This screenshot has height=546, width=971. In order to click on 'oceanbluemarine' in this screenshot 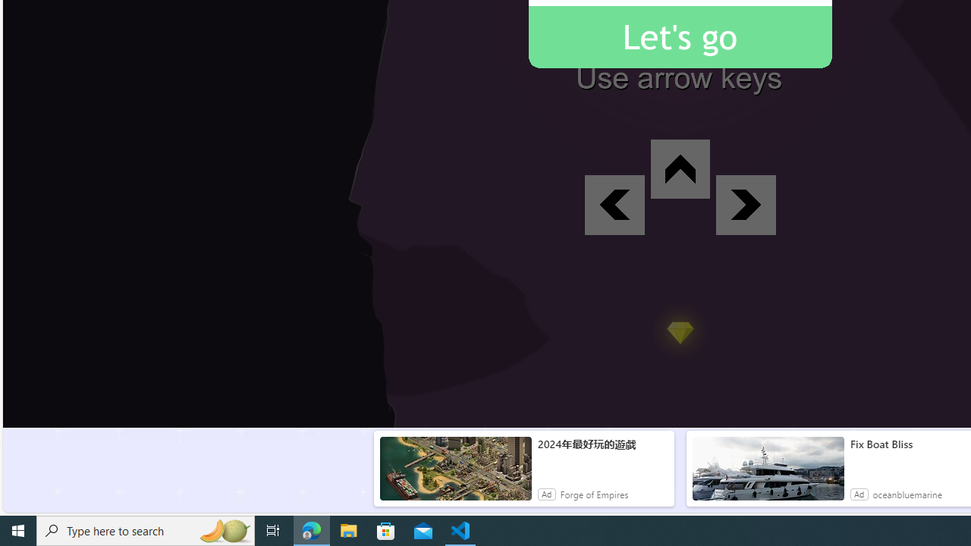, I will do `click(907, 494)`.